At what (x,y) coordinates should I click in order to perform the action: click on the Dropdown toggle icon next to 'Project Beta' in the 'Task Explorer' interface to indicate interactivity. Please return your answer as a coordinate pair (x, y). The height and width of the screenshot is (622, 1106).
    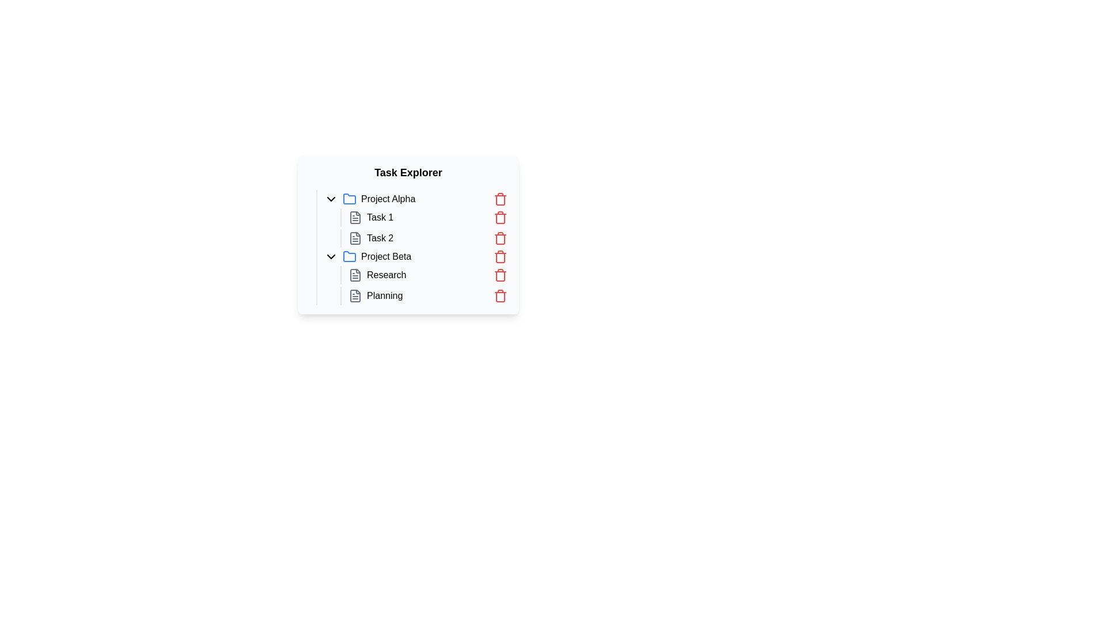
    Looking at the image, I should click on (331, 256).